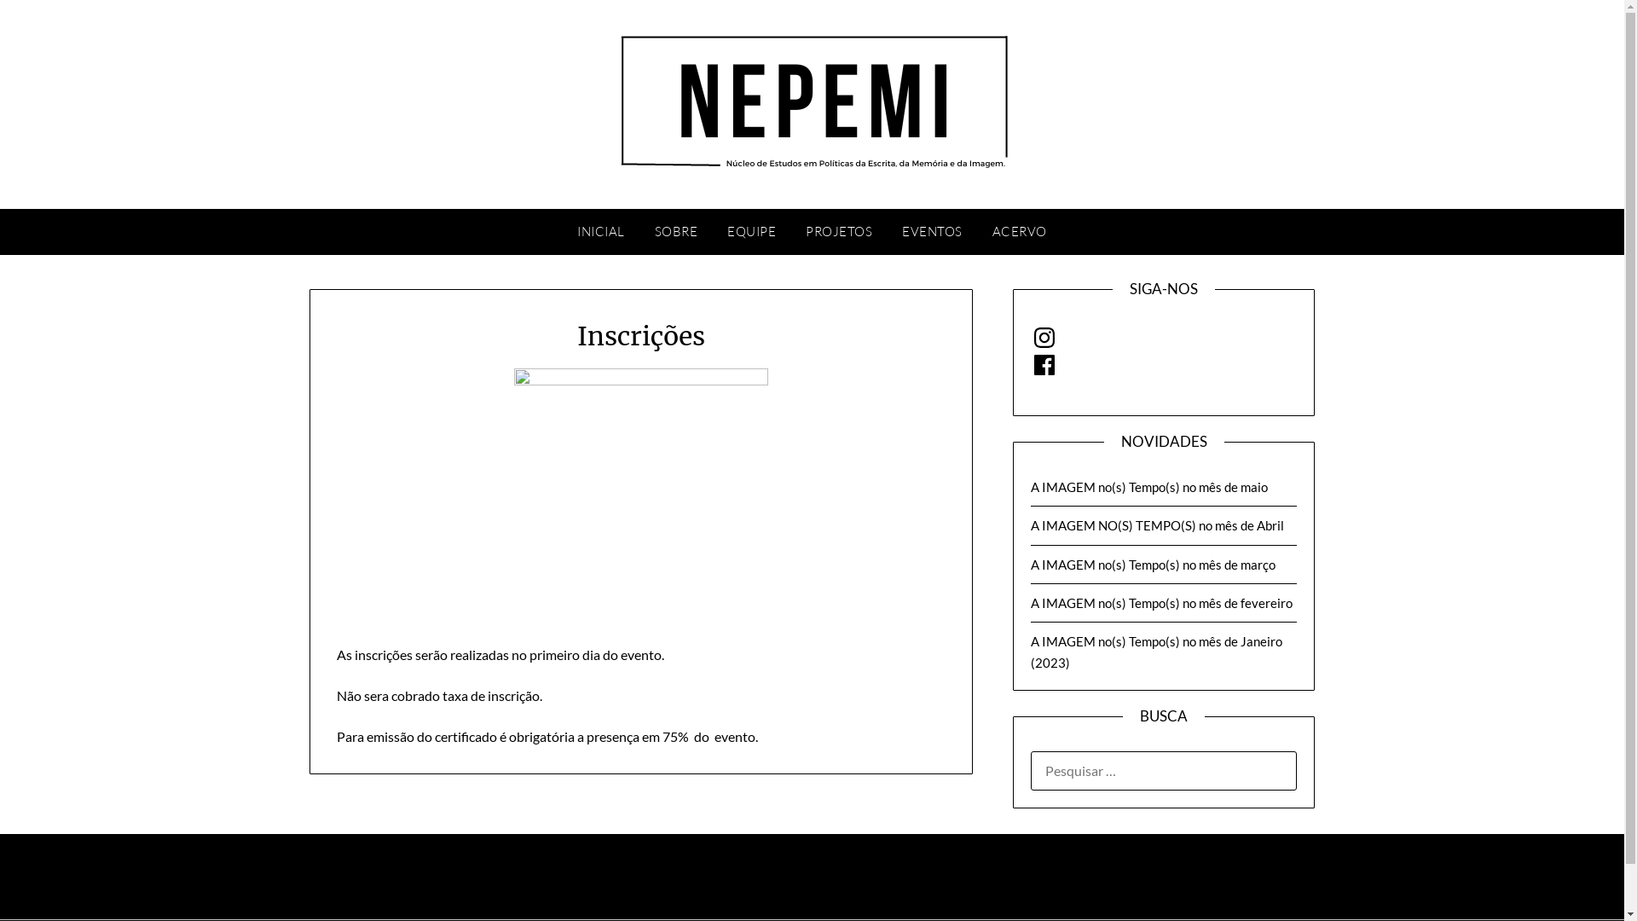 Image resolution: width=1637 pixels, height=921 pixels. Describe the element at coordinates (601, 232) in the screenshot. I see `'INICIAL'` at that location.